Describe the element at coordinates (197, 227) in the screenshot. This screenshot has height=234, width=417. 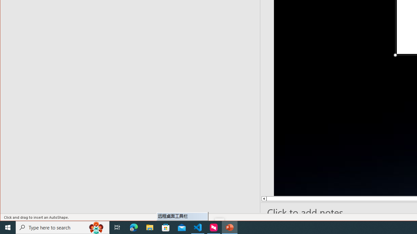
I see `'Visual Studio Code - 1 running window'` at that location.